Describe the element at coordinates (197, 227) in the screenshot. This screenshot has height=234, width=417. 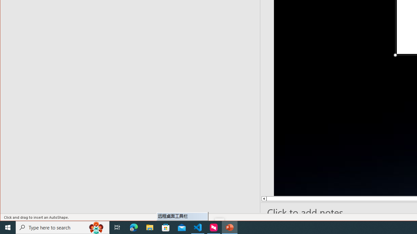
I see `'Visual Studio Code - 1 running window'` at that location.